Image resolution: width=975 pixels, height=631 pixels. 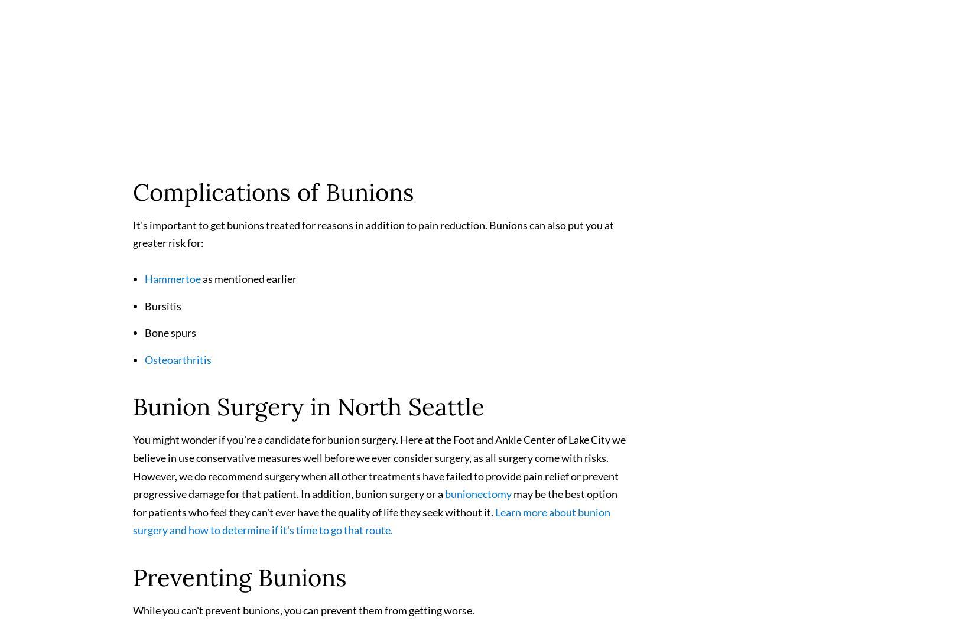 I want to click on 'Bursitis', so click(x=145, y=310).